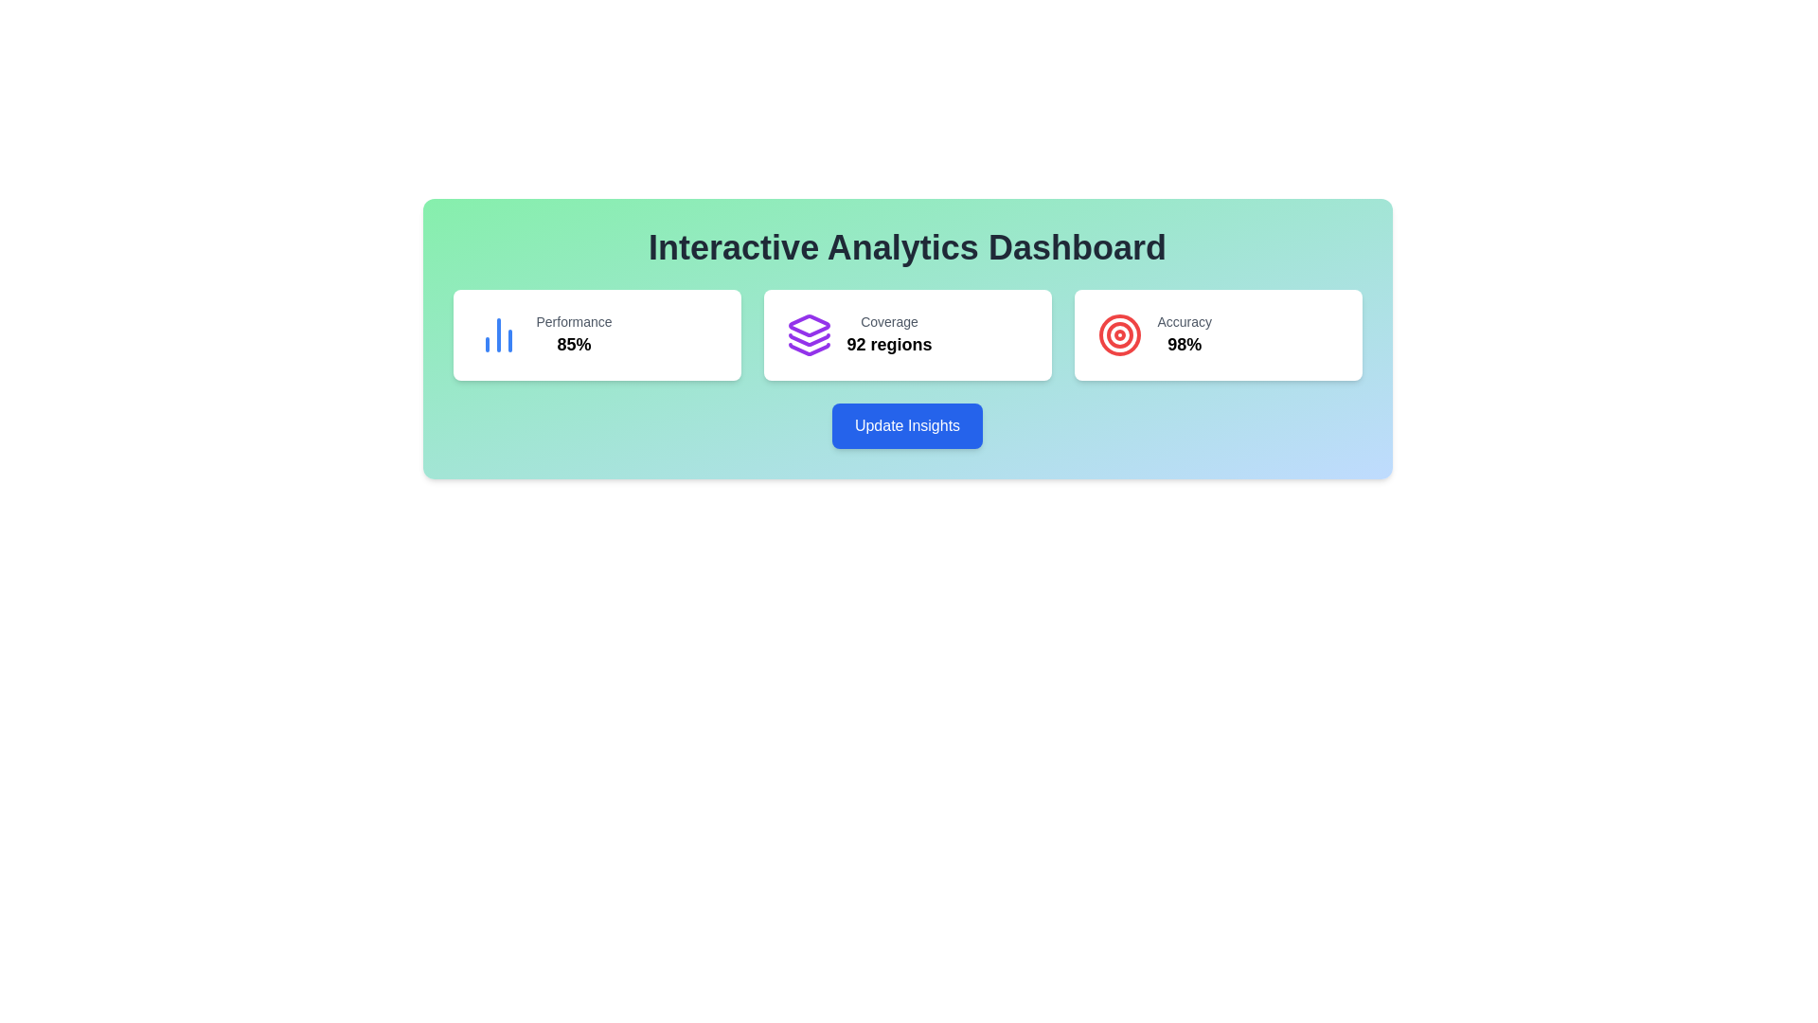 This screenshot has width=1818, height=1023. What do you see at coordinates (809, 350) in the screenshot?
I see `the bottom layer of the three-part vector graphic in purple color, located in the middle card of the dashboard below the text 'Coverage 92 regions'` at bounding box center [809, 350].